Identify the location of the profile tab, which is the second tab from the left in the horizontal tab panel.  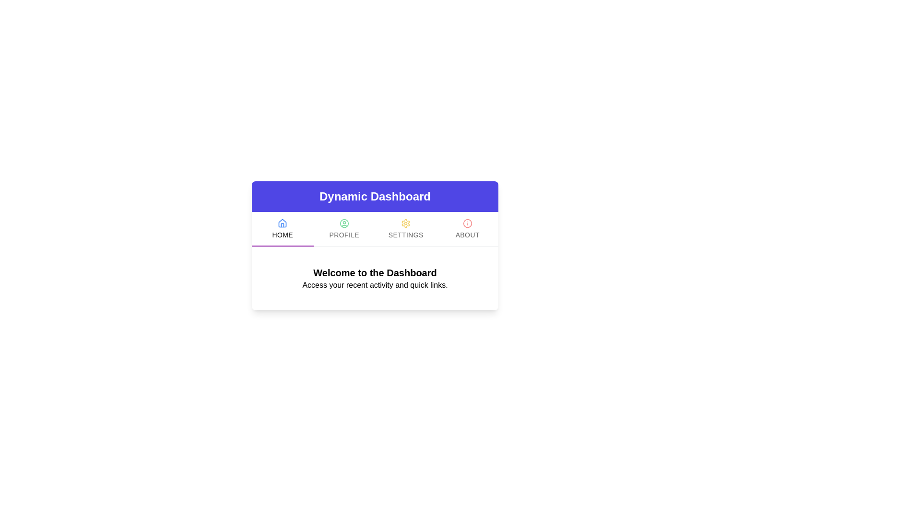
(344, 229).